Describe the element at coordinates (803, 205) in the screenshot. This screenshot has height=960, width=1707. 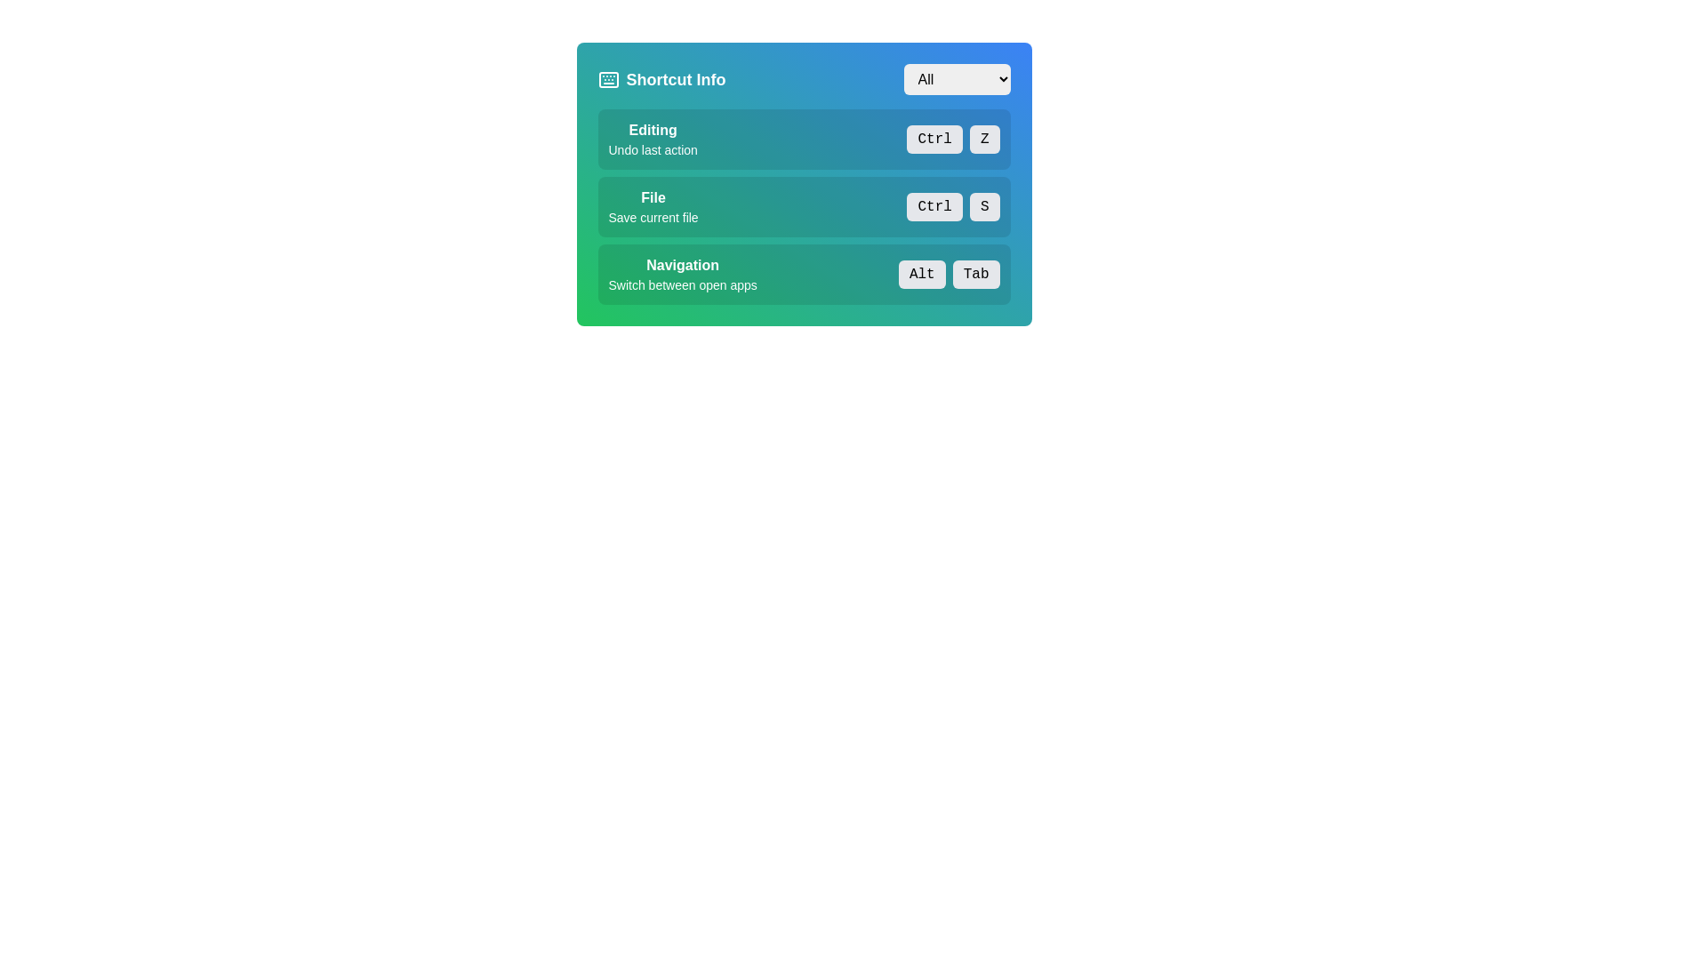
I see `the informational button labeled 'File' that indicates 'Save current file' within the 'Shortcut Info' section` at that location.